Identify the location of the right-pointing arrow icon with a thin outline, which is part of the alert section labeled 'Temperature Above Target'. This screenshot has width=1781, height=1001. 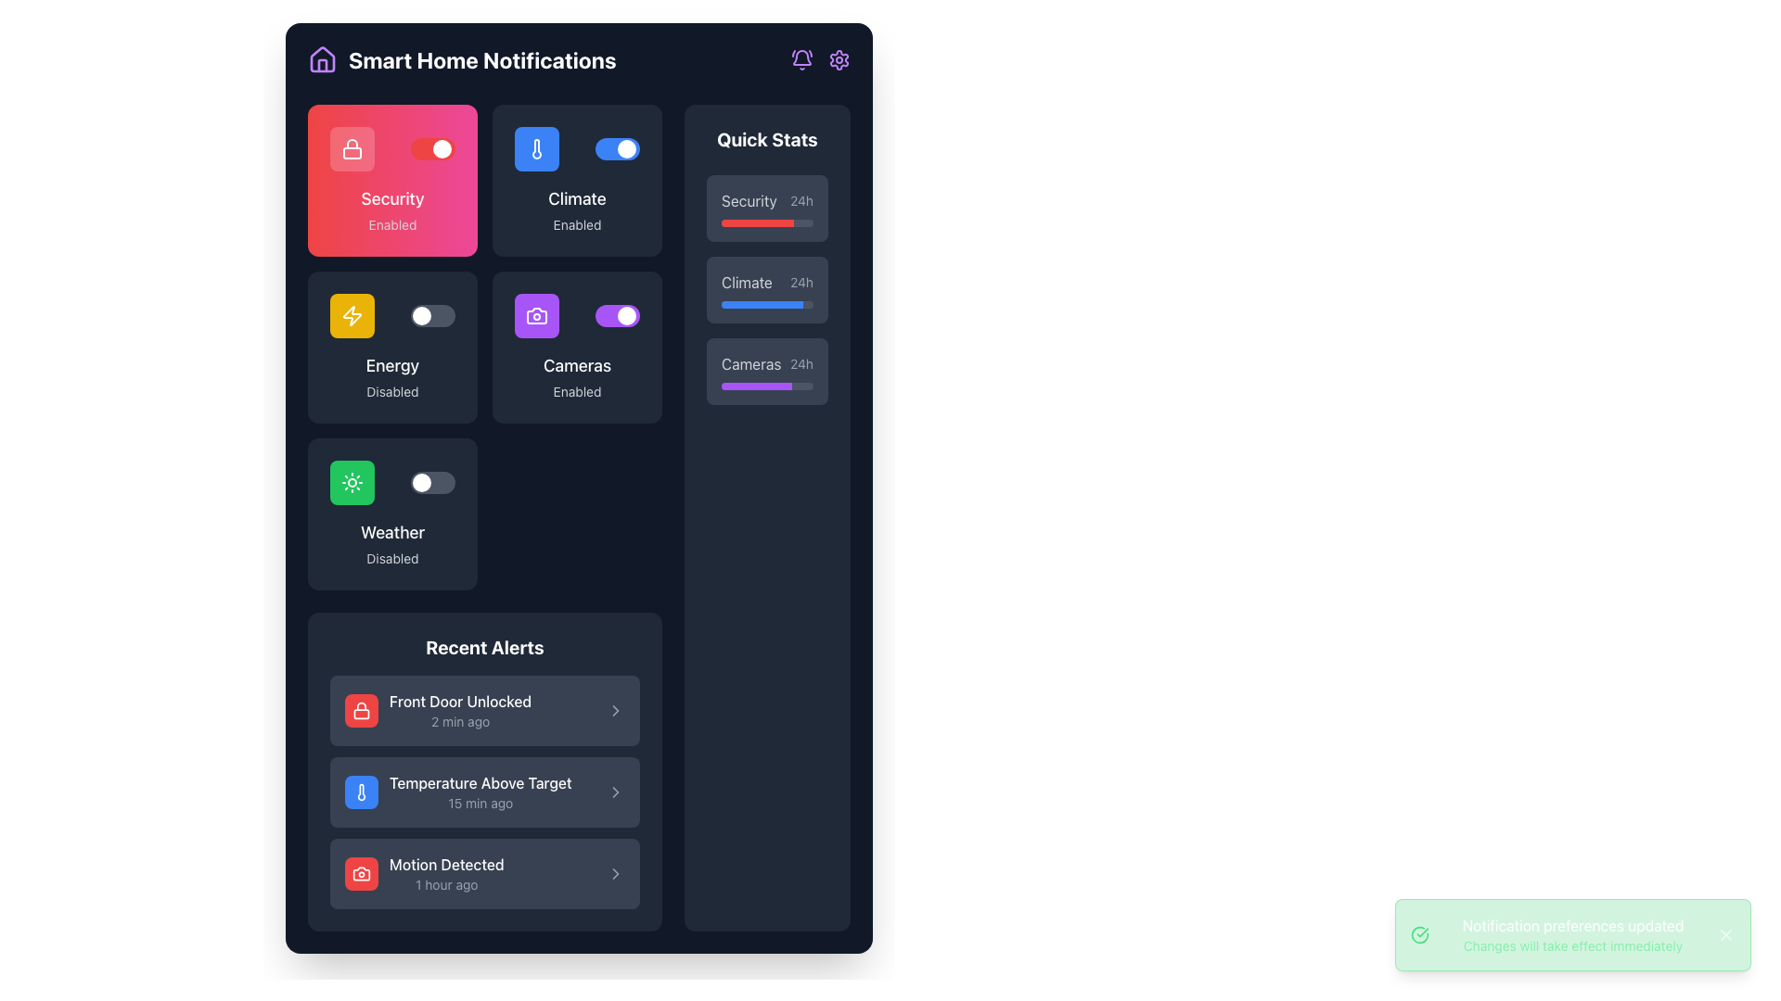
(615, 792).